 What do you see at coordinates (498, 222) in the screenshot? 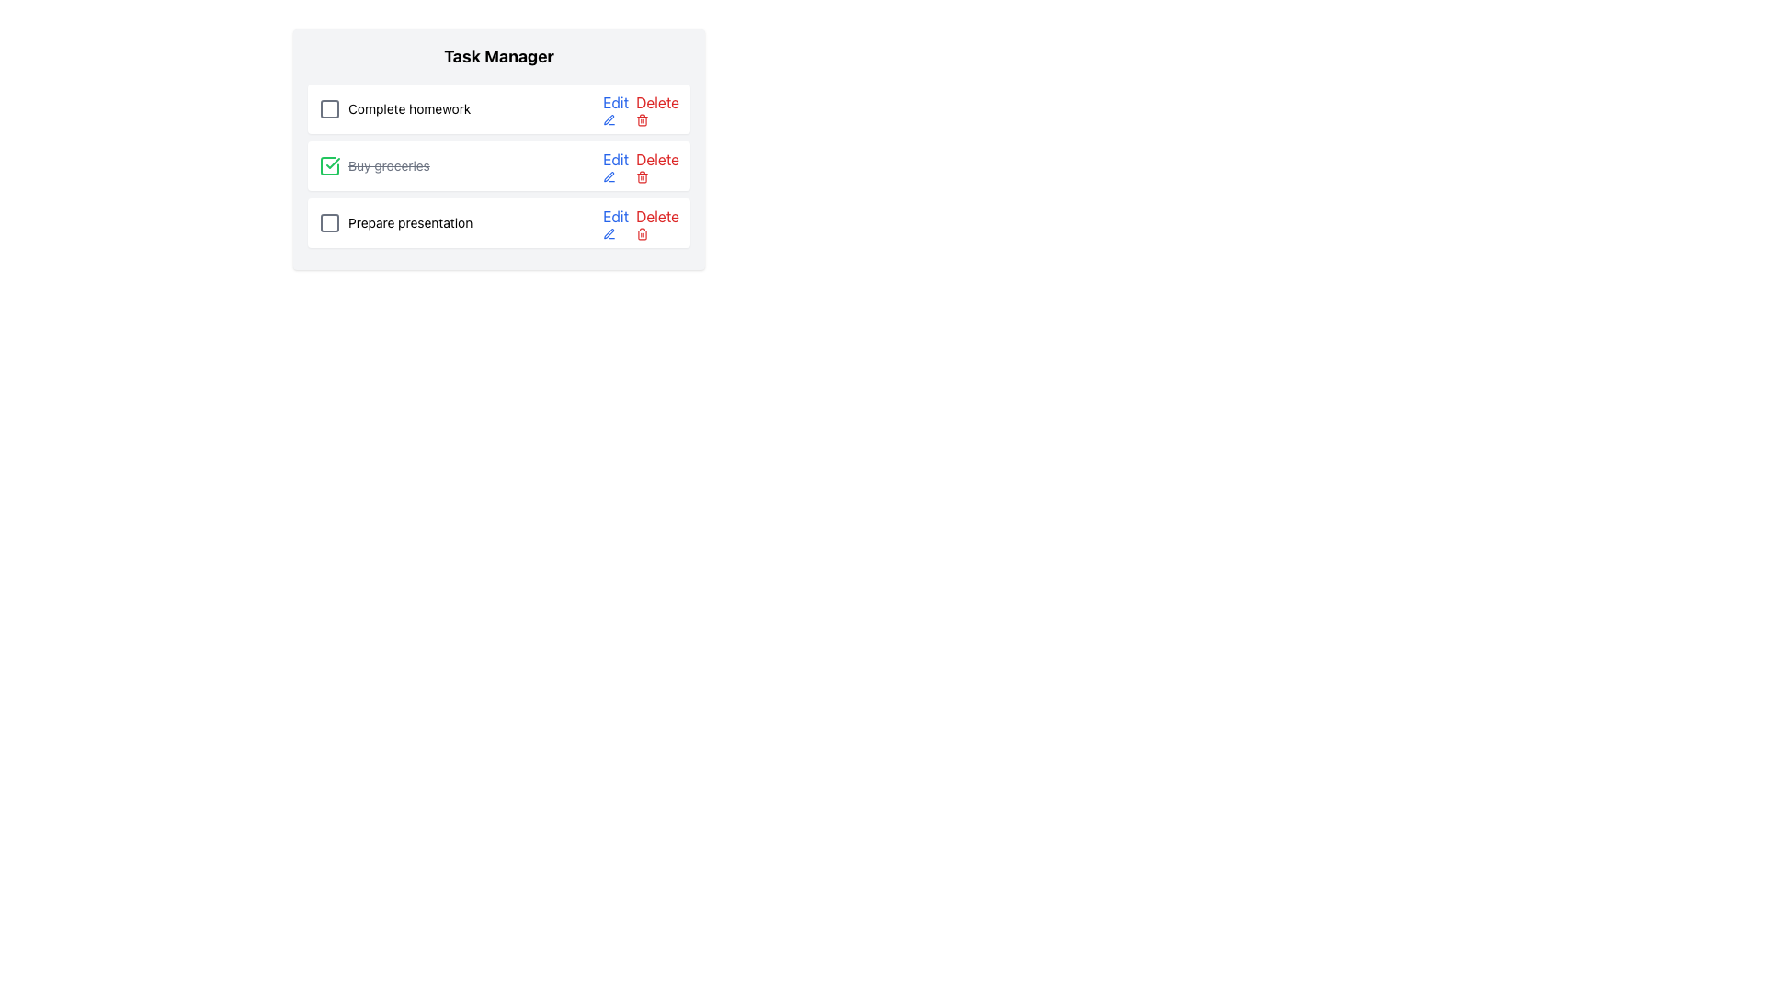
I see `the checkbox of the last task in the task manager to mark it as completed` at bounding box center [498, 222].